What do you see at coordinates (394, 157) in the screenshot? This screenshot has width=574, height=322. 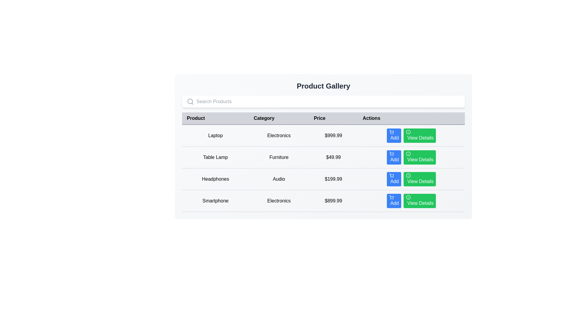 I see `the blue rectangular button labeled 'Add' with a shopping cart icon, located in the 'Actions' column of the row for the 'Table Lamp' product` at bounding box center [394, 157].